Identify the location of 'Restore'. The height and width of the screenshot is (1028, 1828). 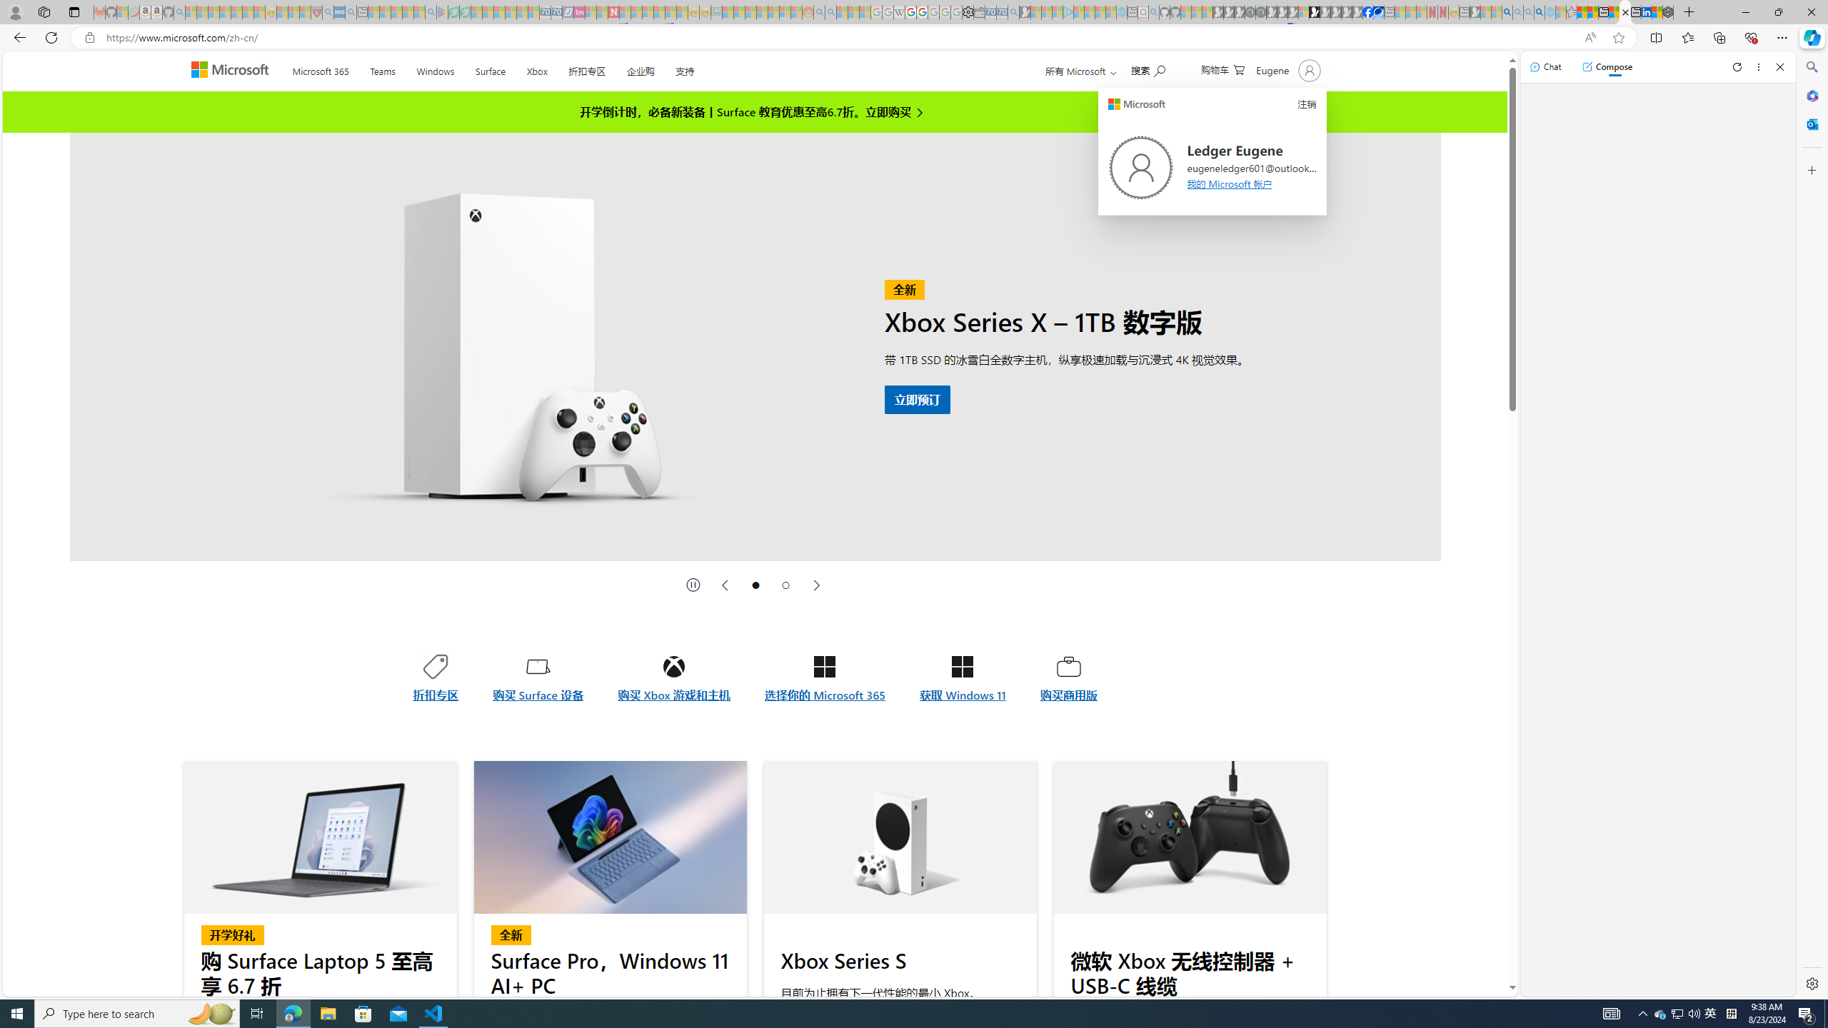
(1778, 11).